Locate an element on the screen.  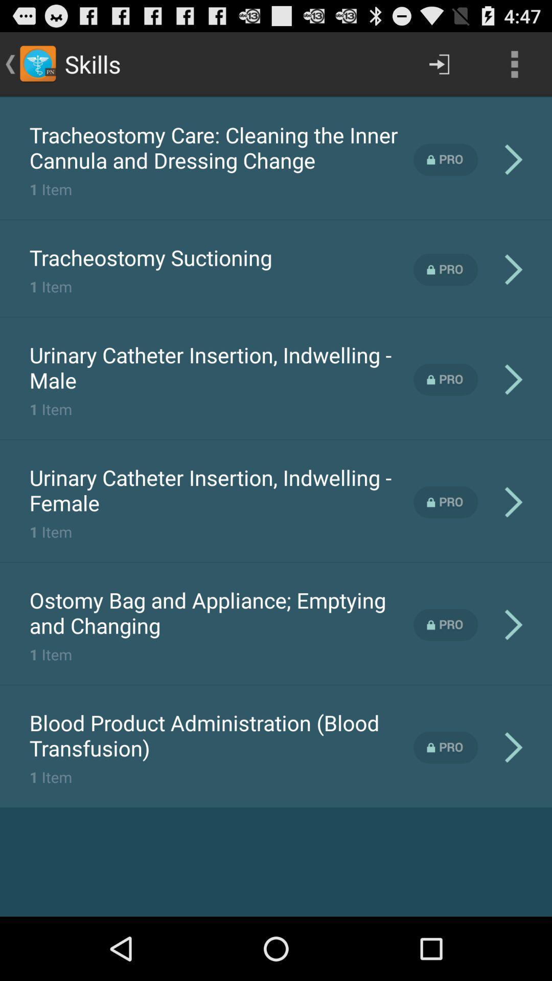
veirify pro option is located at coordinates (445, 624).